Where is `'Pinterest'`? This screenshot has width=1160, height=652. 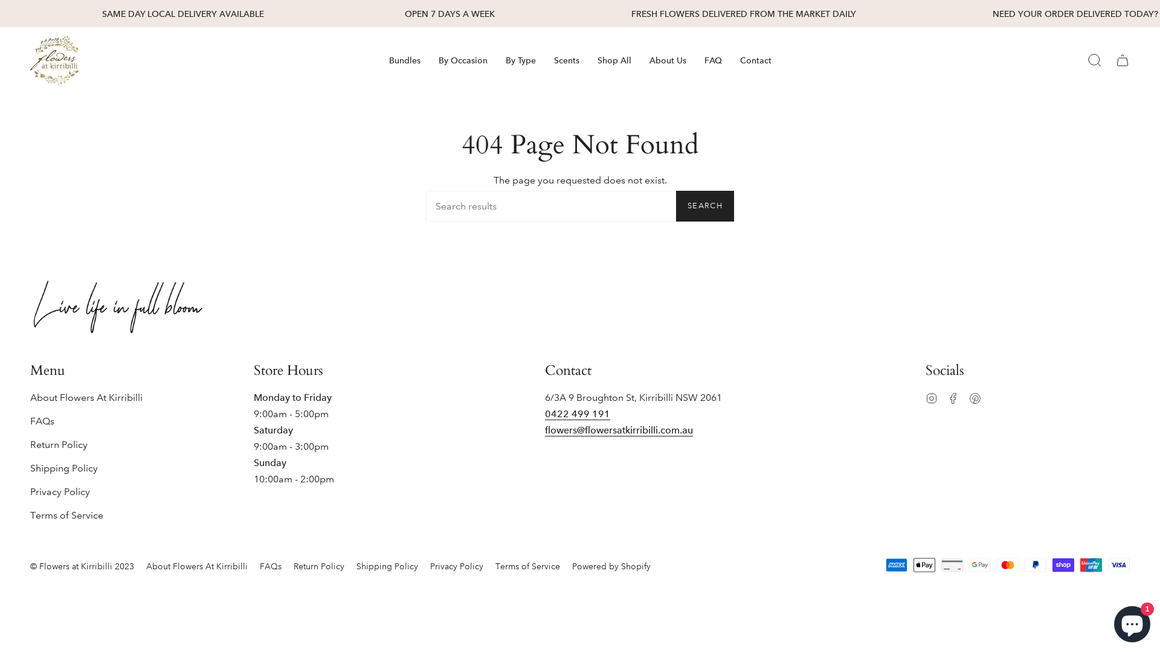 'Pinterest' is located at coordinates (975, 397).